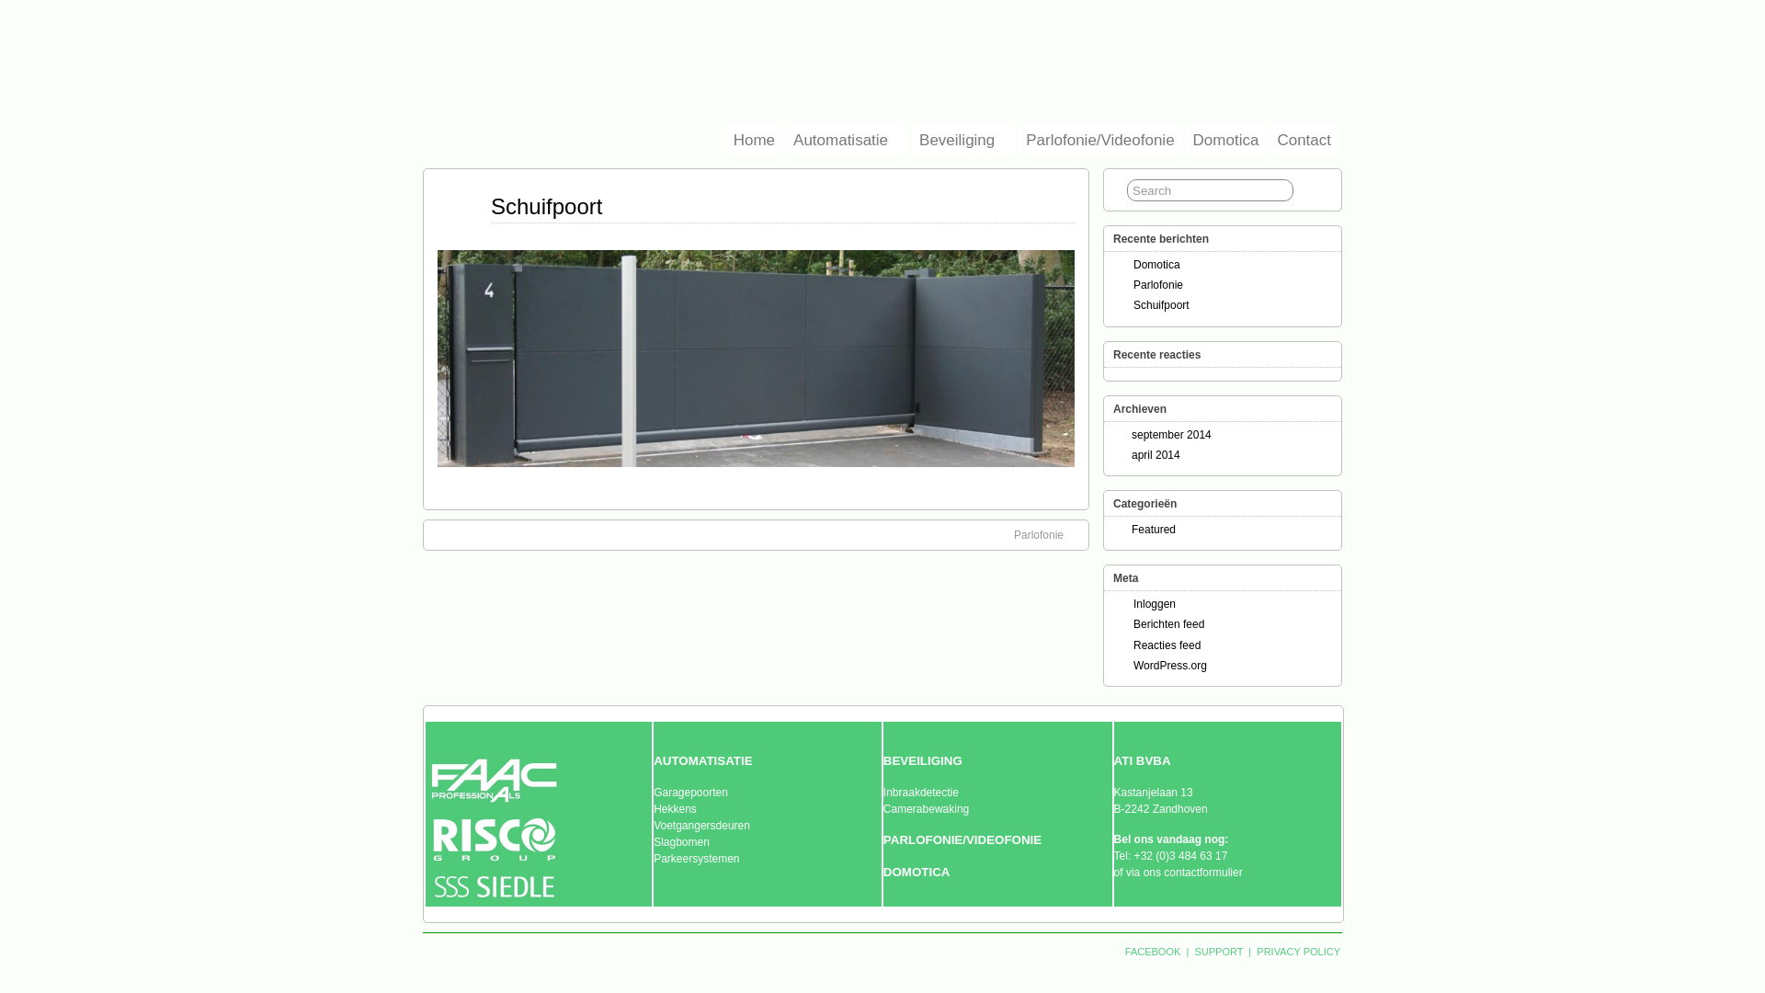  What do you see at coordinates (1168, 666) in the screenshot?
I see `'WordPress.org'` at bounding box center [1168, 666].